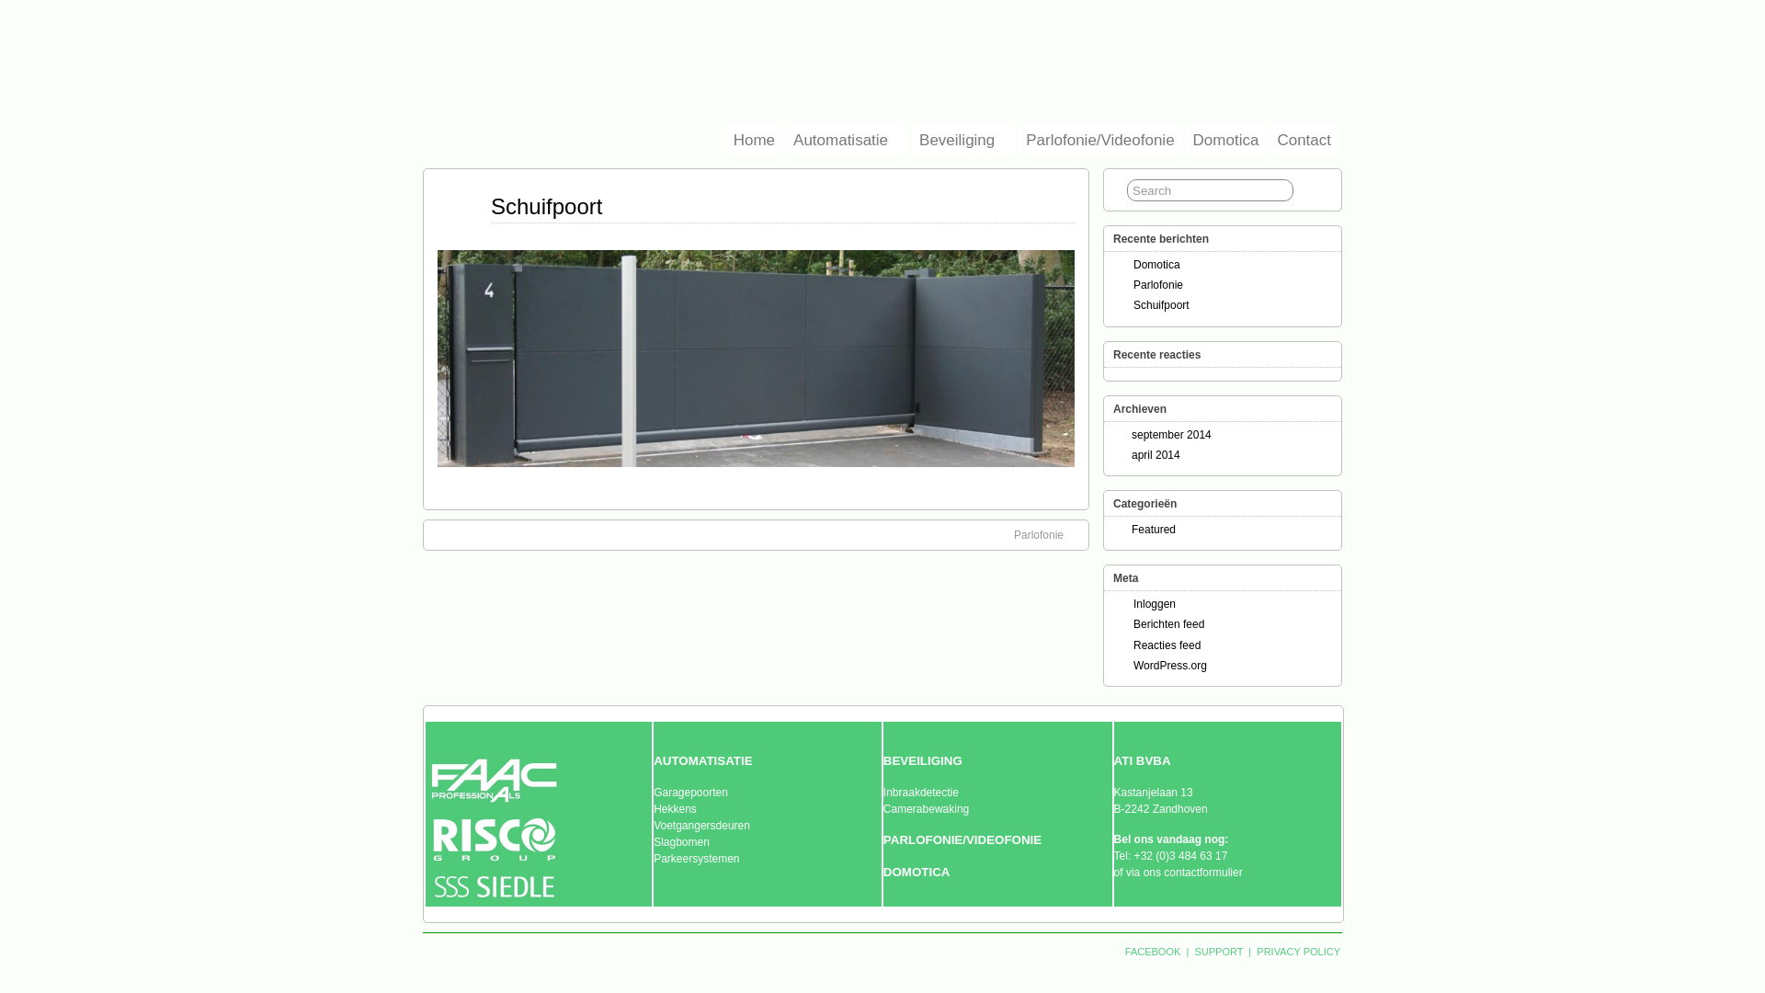  What do you see at coordinates (1168, 666) in the screenshot?
I see `'WordPress.org'` at bounding box center [1168, 666].